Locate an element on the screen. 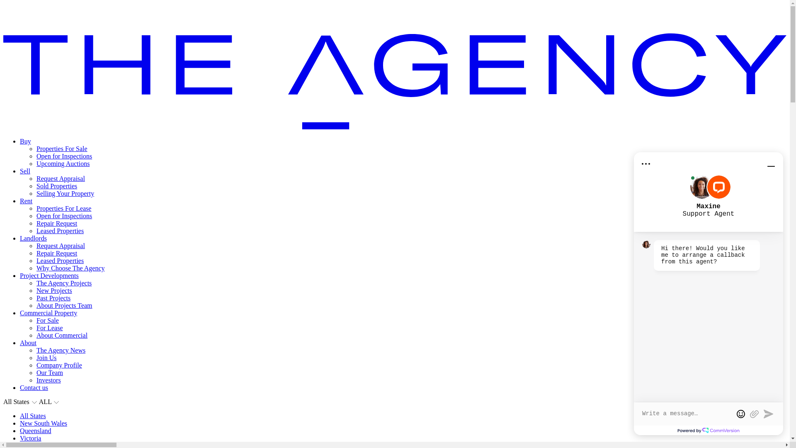  'Properties For Sale' is located at coordinates (61, 148).